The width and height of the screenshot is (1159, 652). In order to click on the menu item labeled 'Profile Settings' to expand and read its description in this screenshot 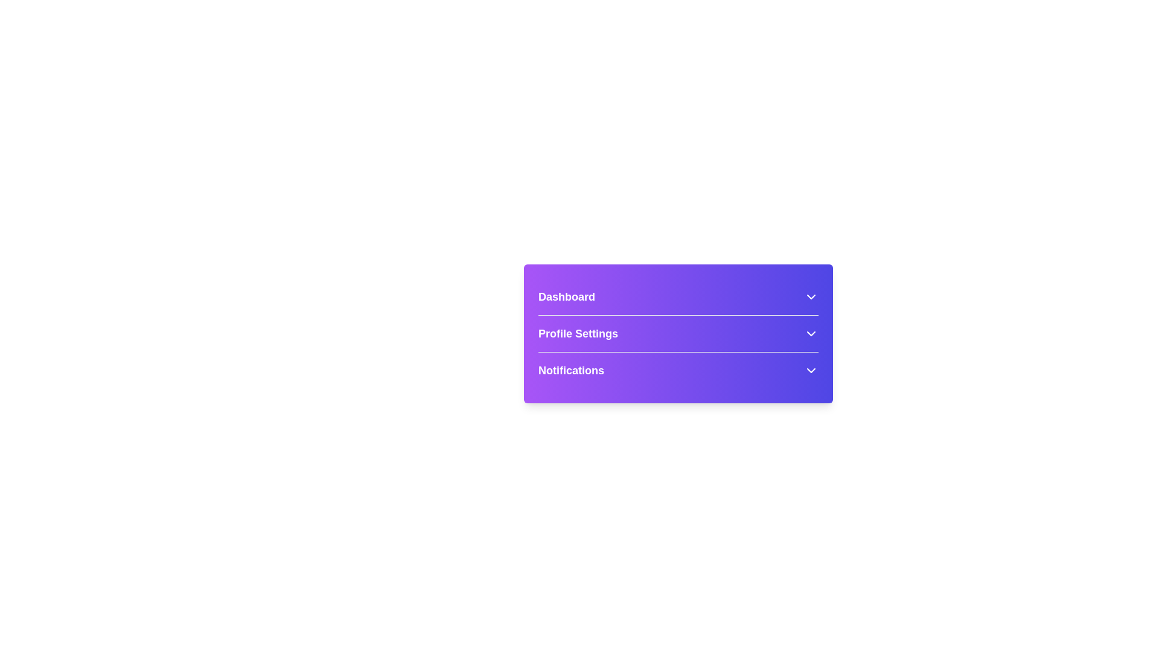, I will do `click(678, 333)`.